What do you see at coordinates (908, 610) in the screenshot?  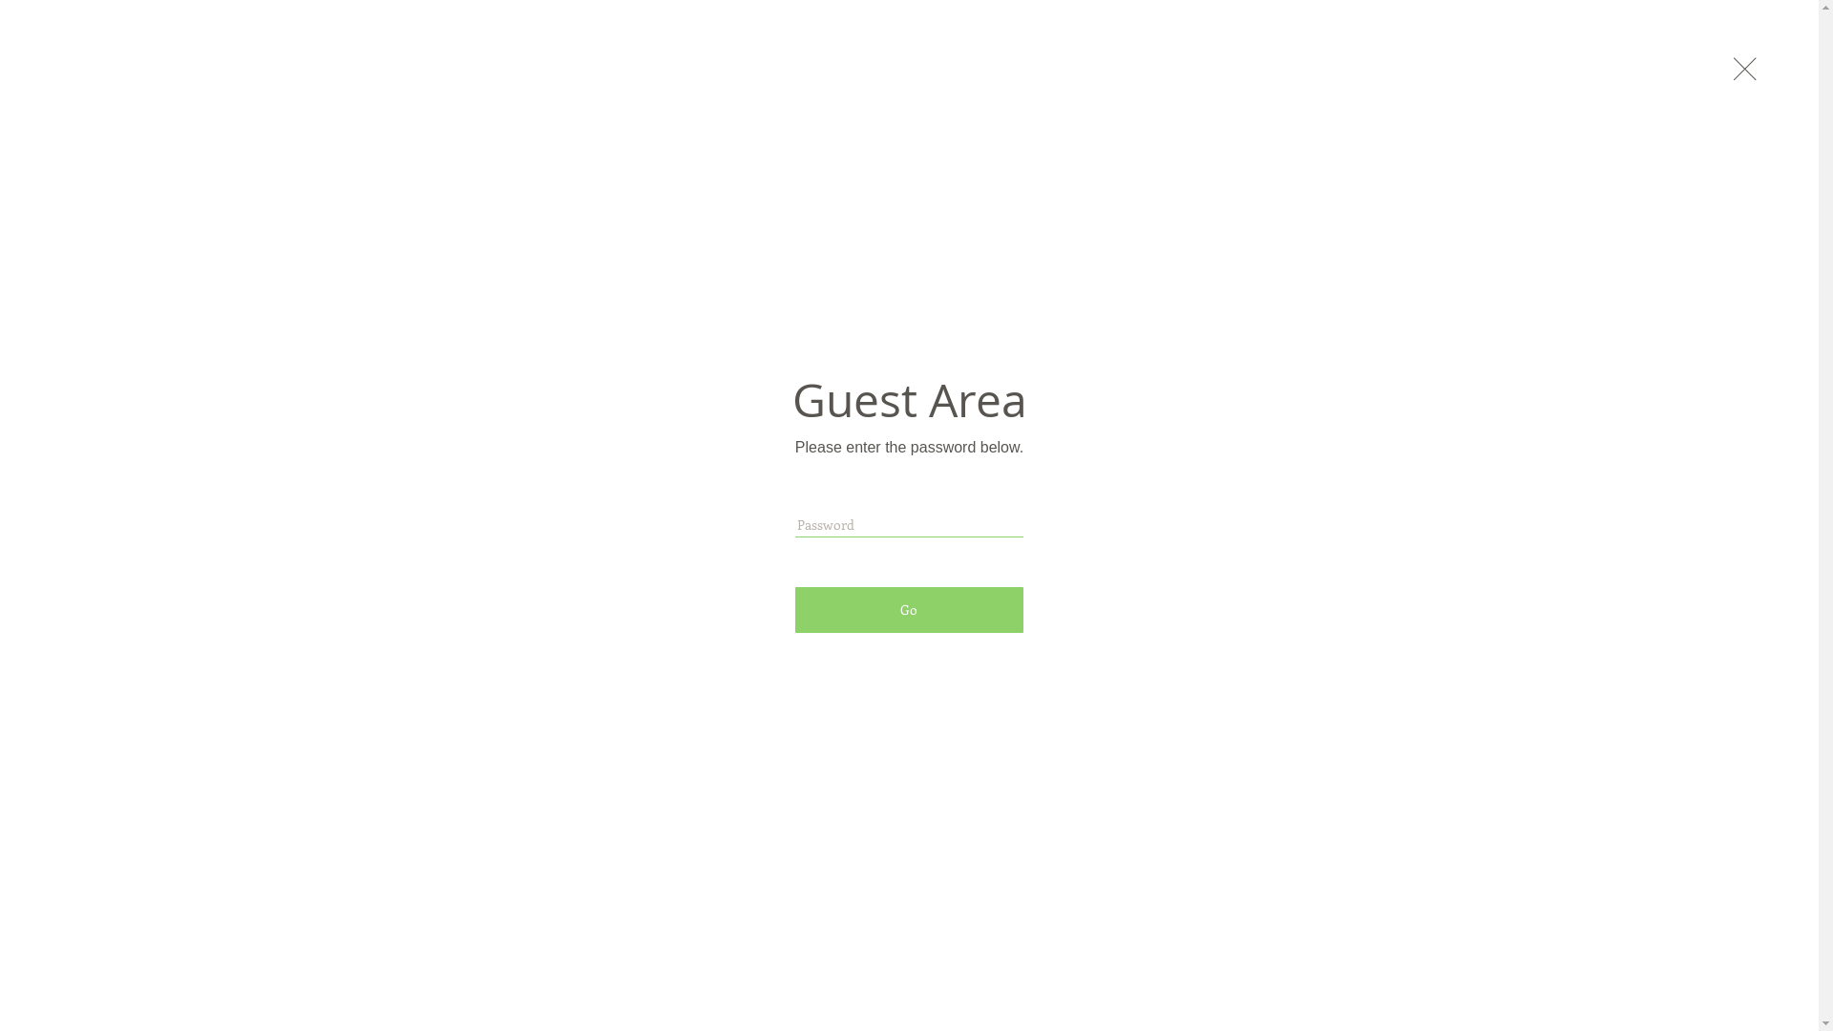 I see `'Go'` at bounding box center [908, 610].